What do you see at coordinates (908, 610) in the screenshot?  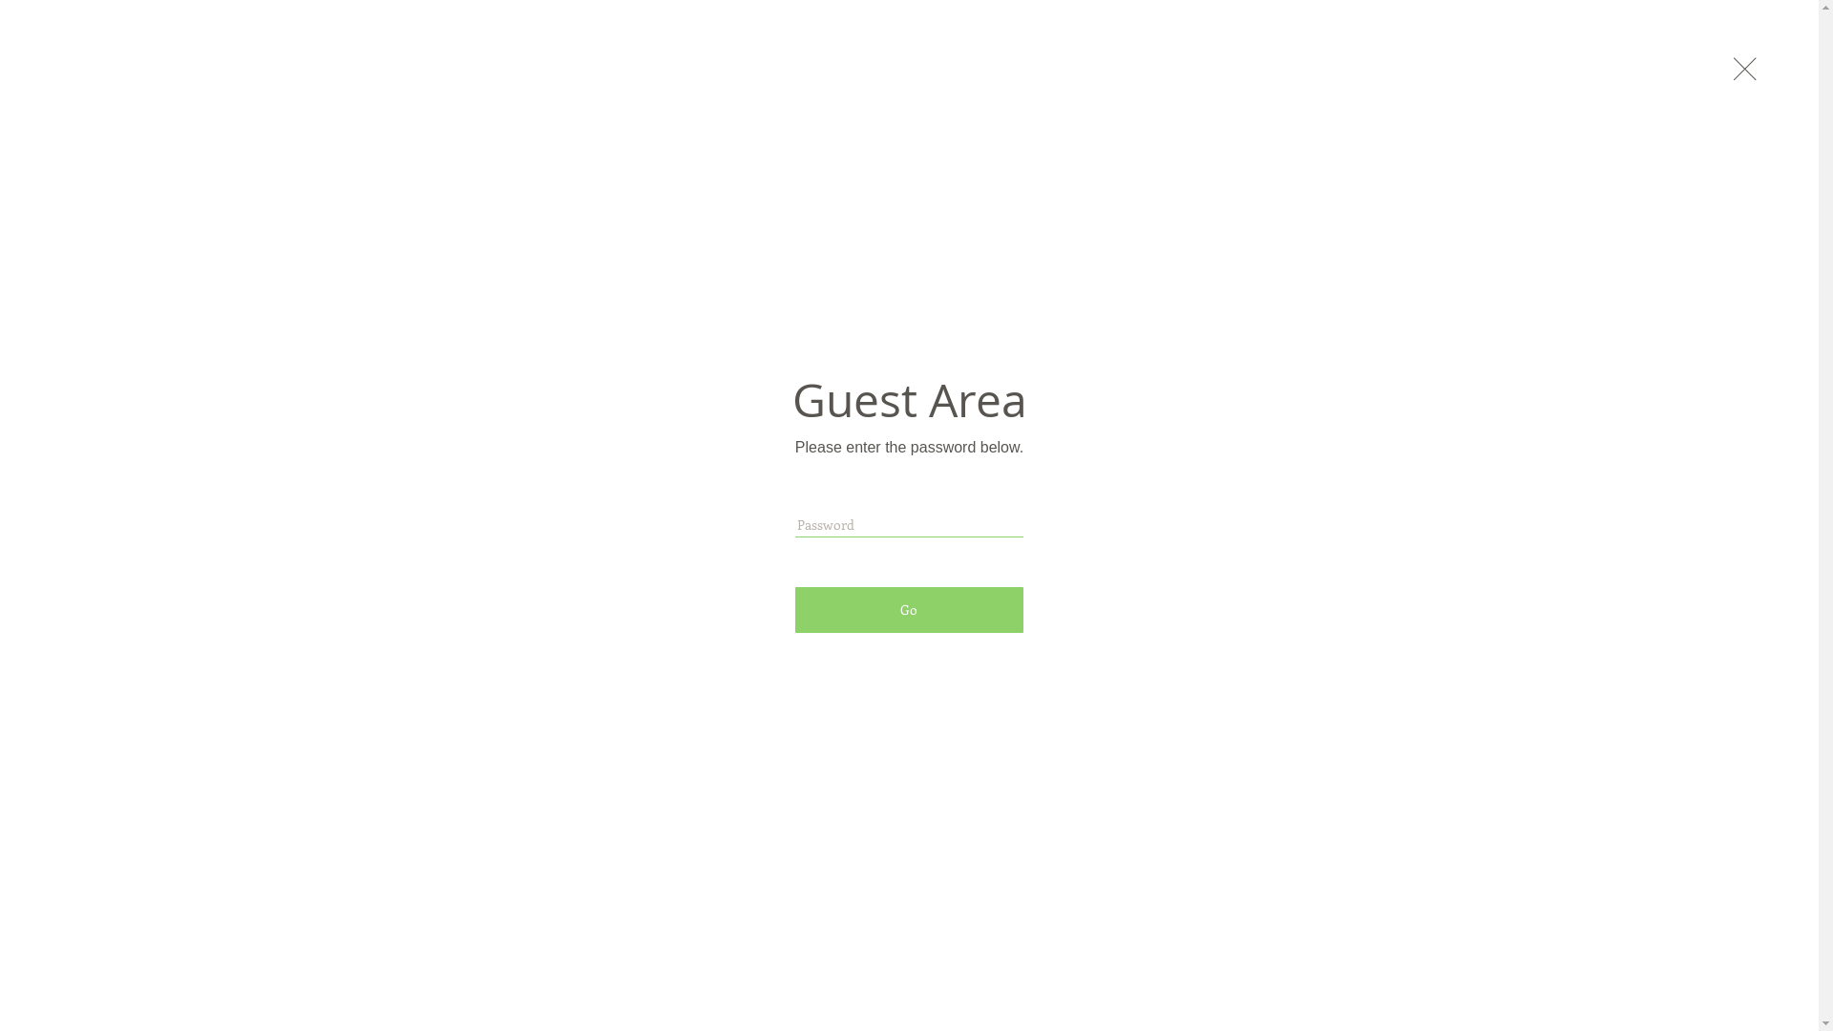 I see `'Go'` at bounding box center [908, 610].